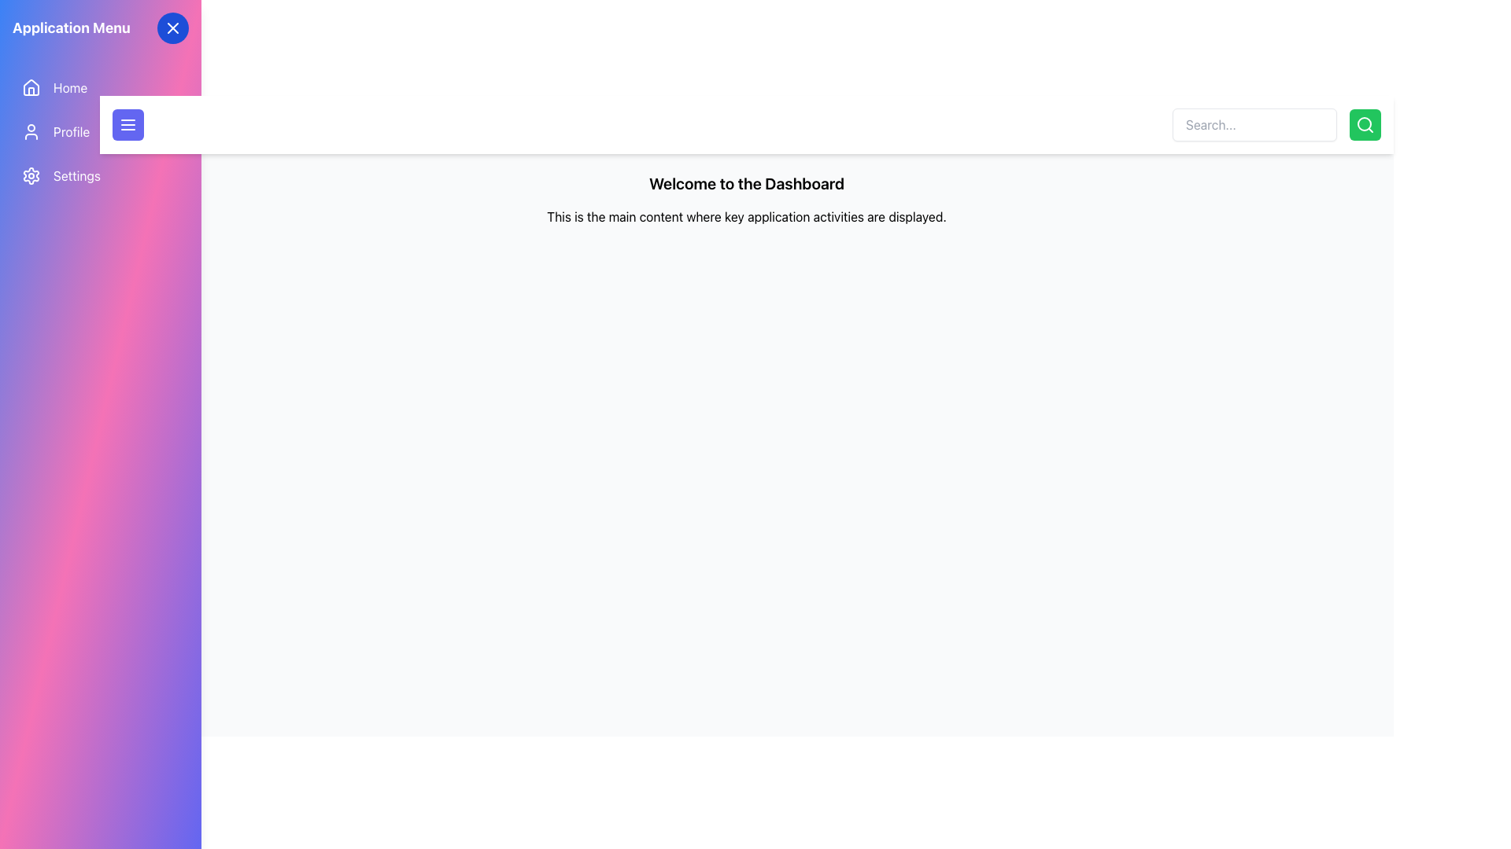 Image resolution: width=1511 pixels, height=849 pixels. Describe the element at coordinates (31, 87) in the screenshot. I see `the home icon located in the sidebar, which is the first icon in the vertical list of menu items` at that location.